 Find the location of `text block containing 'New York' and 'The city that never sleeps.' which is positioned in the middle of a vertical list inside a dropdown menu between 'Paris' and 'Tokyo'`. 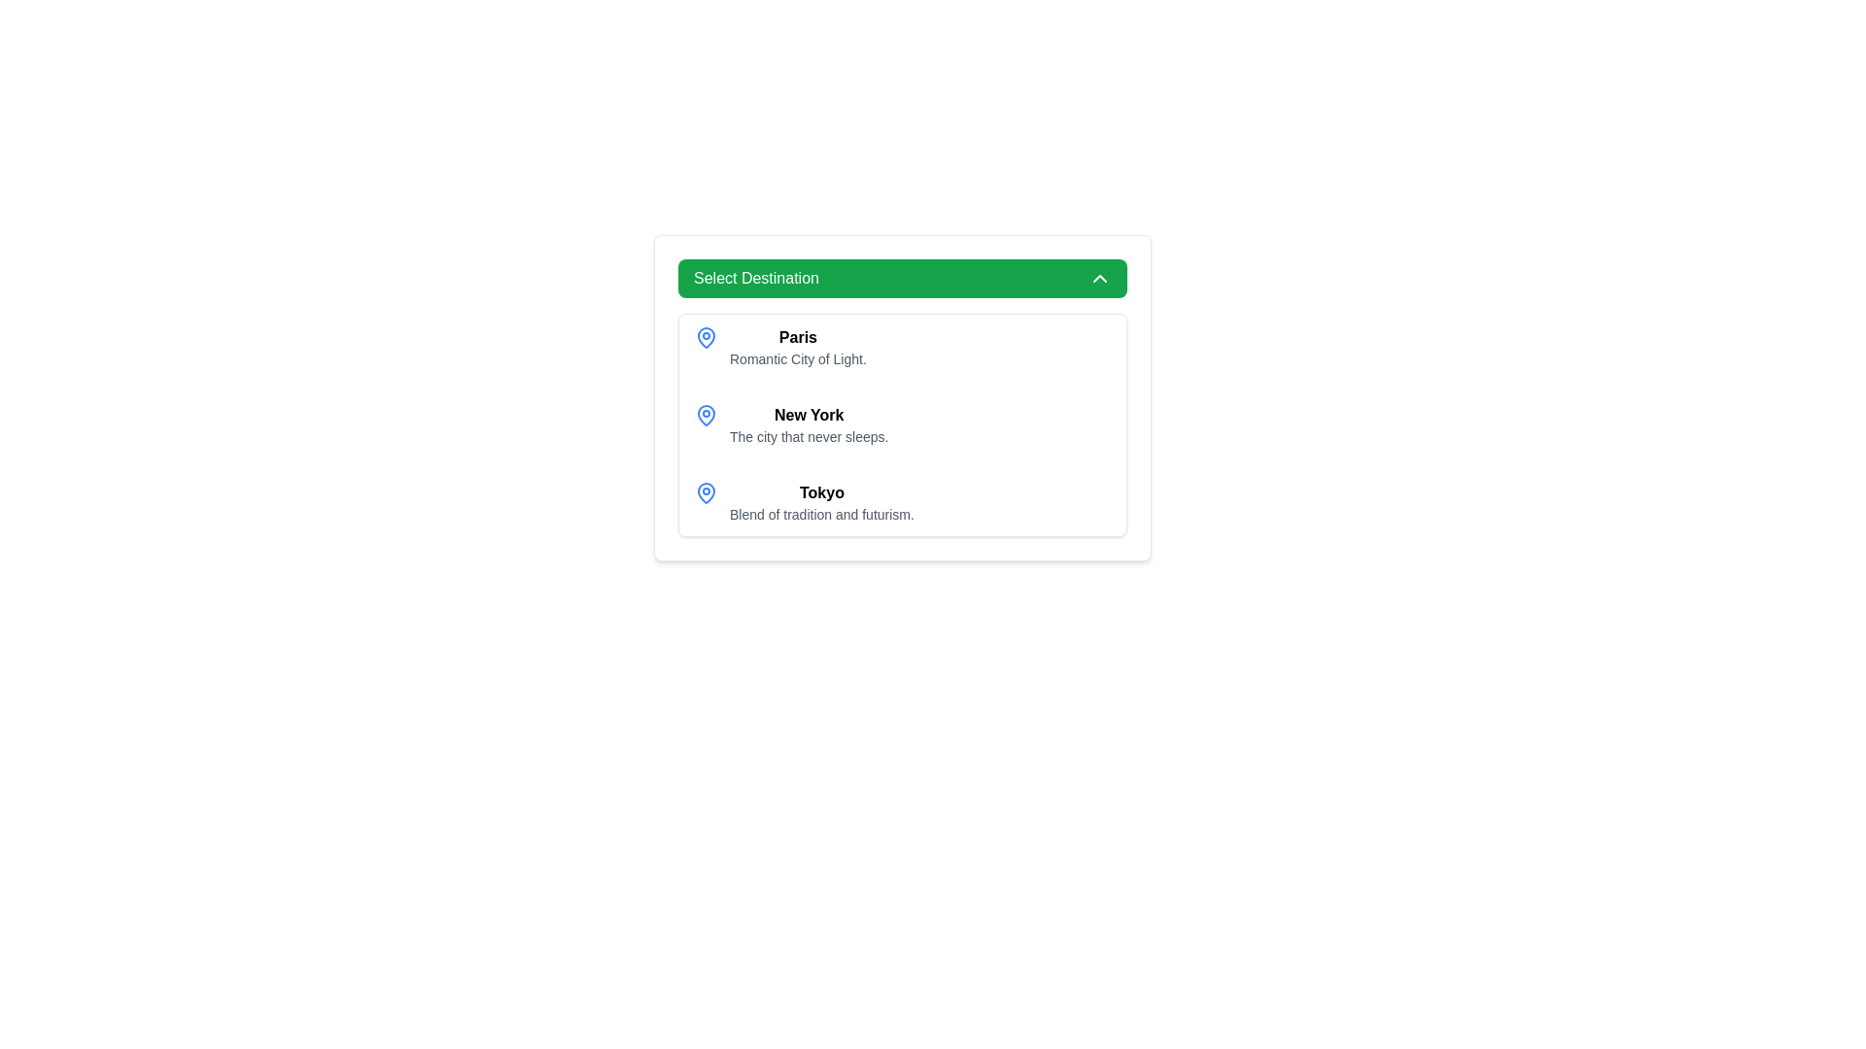

text block containing 'New York' and 'The city that never sleeps.' which is positioned in the middle of a vertical list inside a dropdown menu between 'Paris' and 'Tokyo' is located at coordinates (809, 424).